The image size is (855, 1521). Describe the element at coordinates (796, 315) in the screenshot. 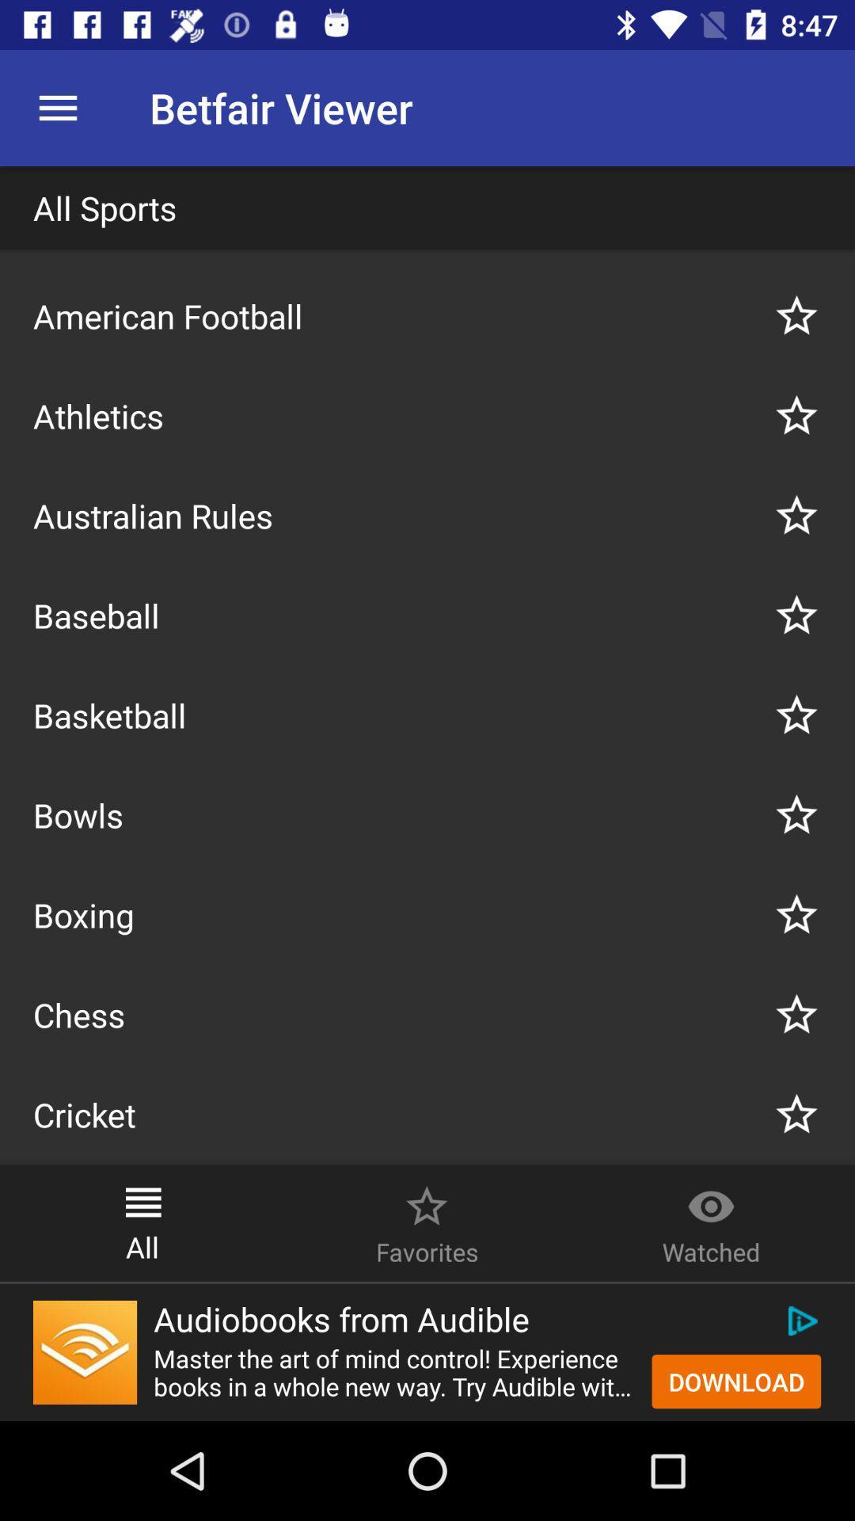

I see `favorite icon right to american football` at that location.